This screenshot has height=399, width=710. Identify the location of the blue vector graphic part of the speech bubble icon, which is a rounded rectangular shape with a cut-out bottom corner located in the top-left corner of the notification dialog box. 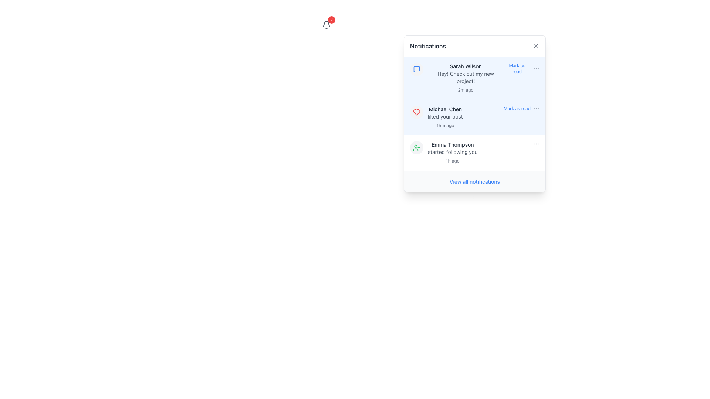
(417, 69).